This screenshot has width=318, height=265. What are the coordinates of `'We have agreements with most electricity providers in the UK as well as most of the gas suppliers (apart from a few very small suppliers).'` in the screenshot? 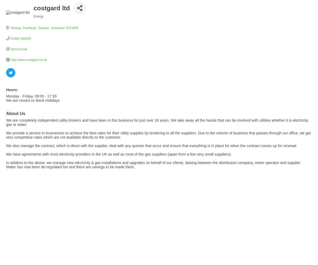 It's located at (118, 154).